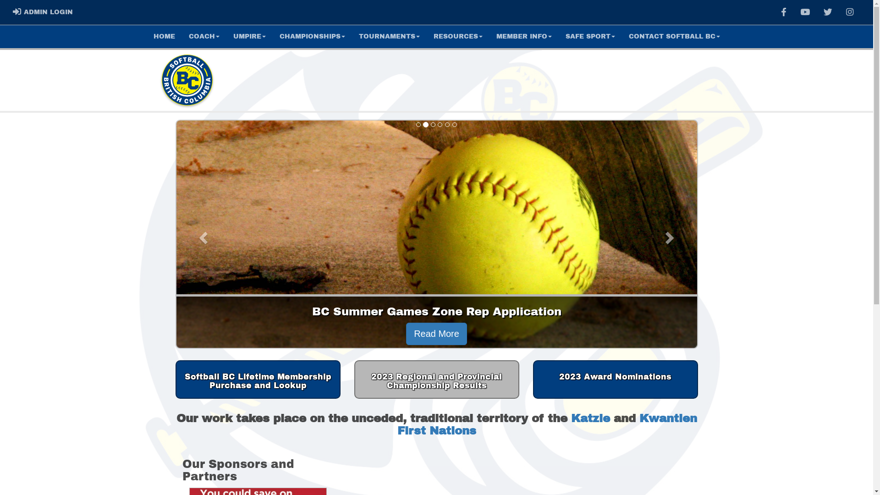 The image size is (880, 495). I want to click on 'SAFE SPORT', so click(558, 36).